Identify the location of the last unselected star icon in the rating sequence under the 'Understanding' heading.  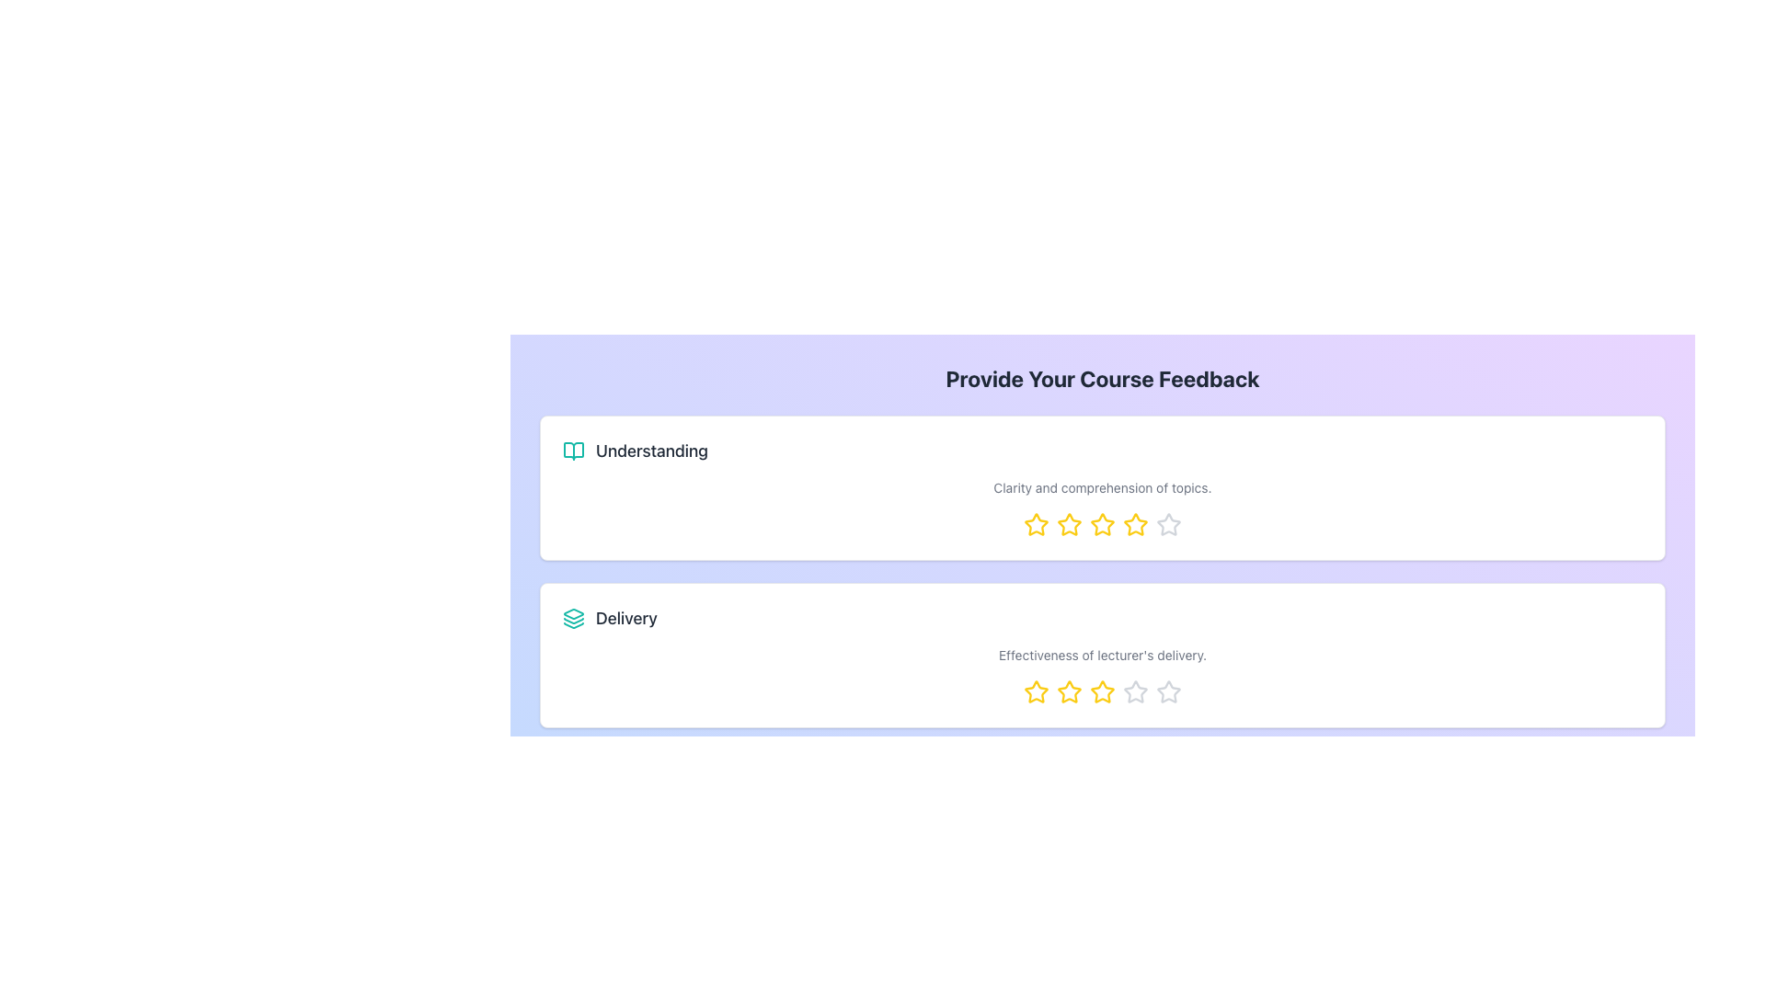
(1168, 524).